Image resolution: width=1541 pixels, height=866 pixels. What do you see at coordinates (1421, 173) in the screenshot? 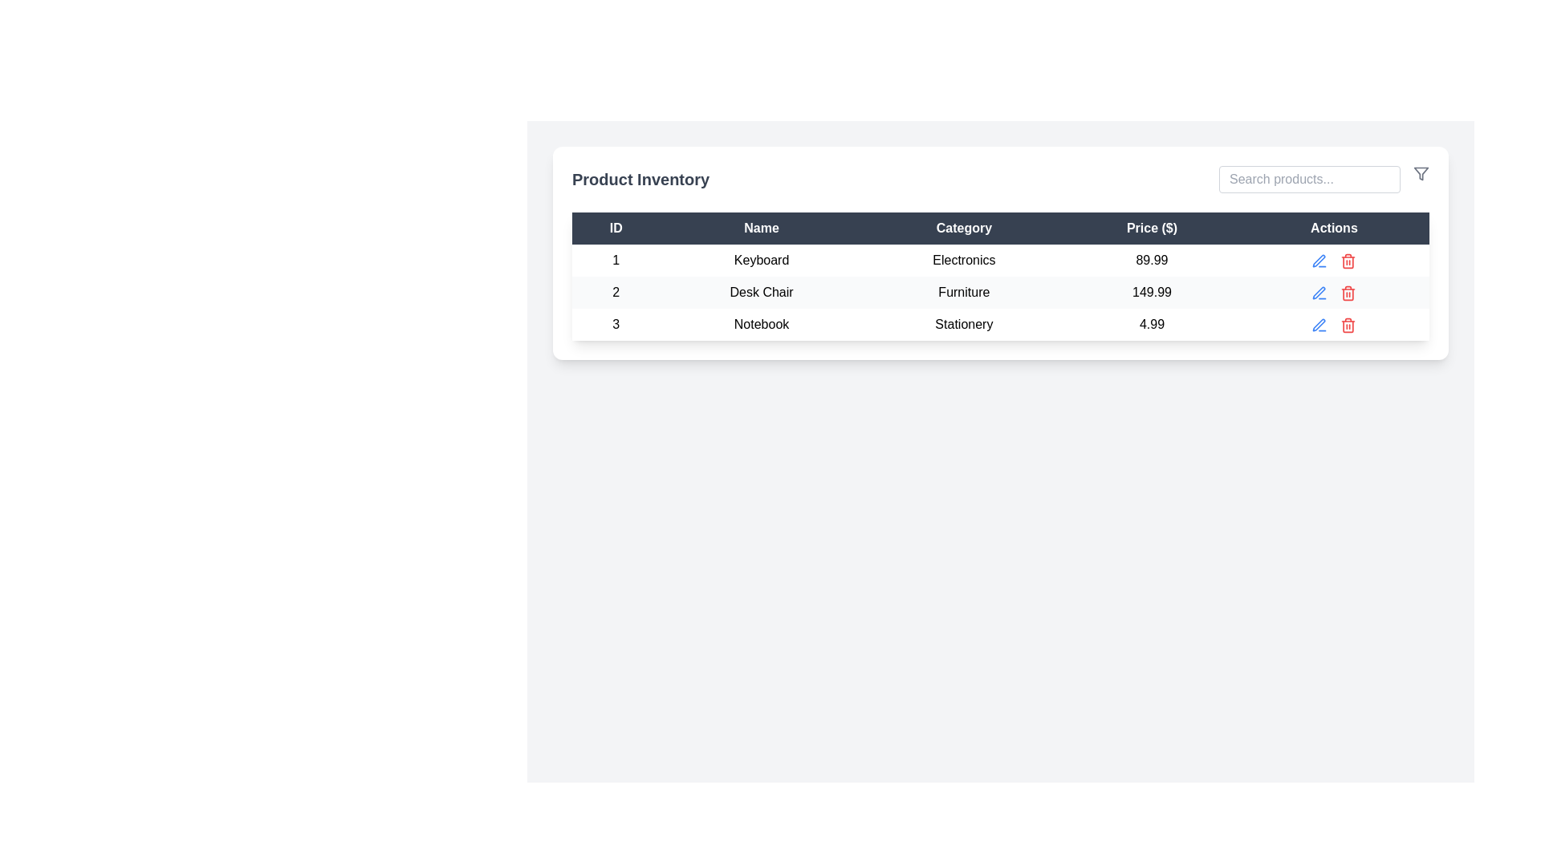
I see `the filtering icon located in the Actions area of the UI header, positioned near the right boundary of the search bar` at bounding box center [1421, 173].